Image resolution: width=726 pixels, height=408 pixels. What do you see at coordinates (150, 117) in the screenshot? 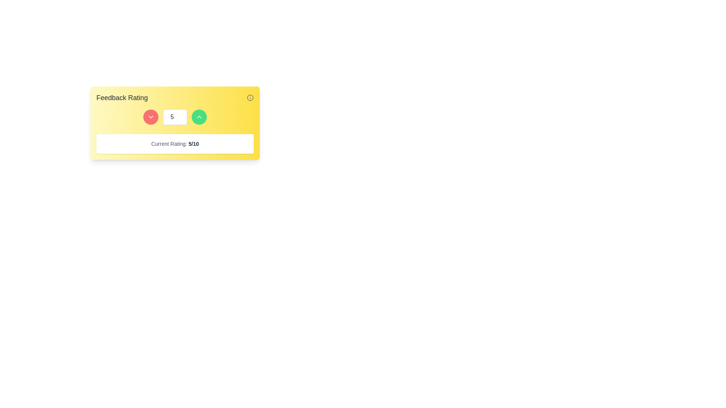
I see `the circular red decrement button with a white downward arrow icon, located to the left of the numeric input field displaying '5', to change its visual style` at bounding box center [150, 117].